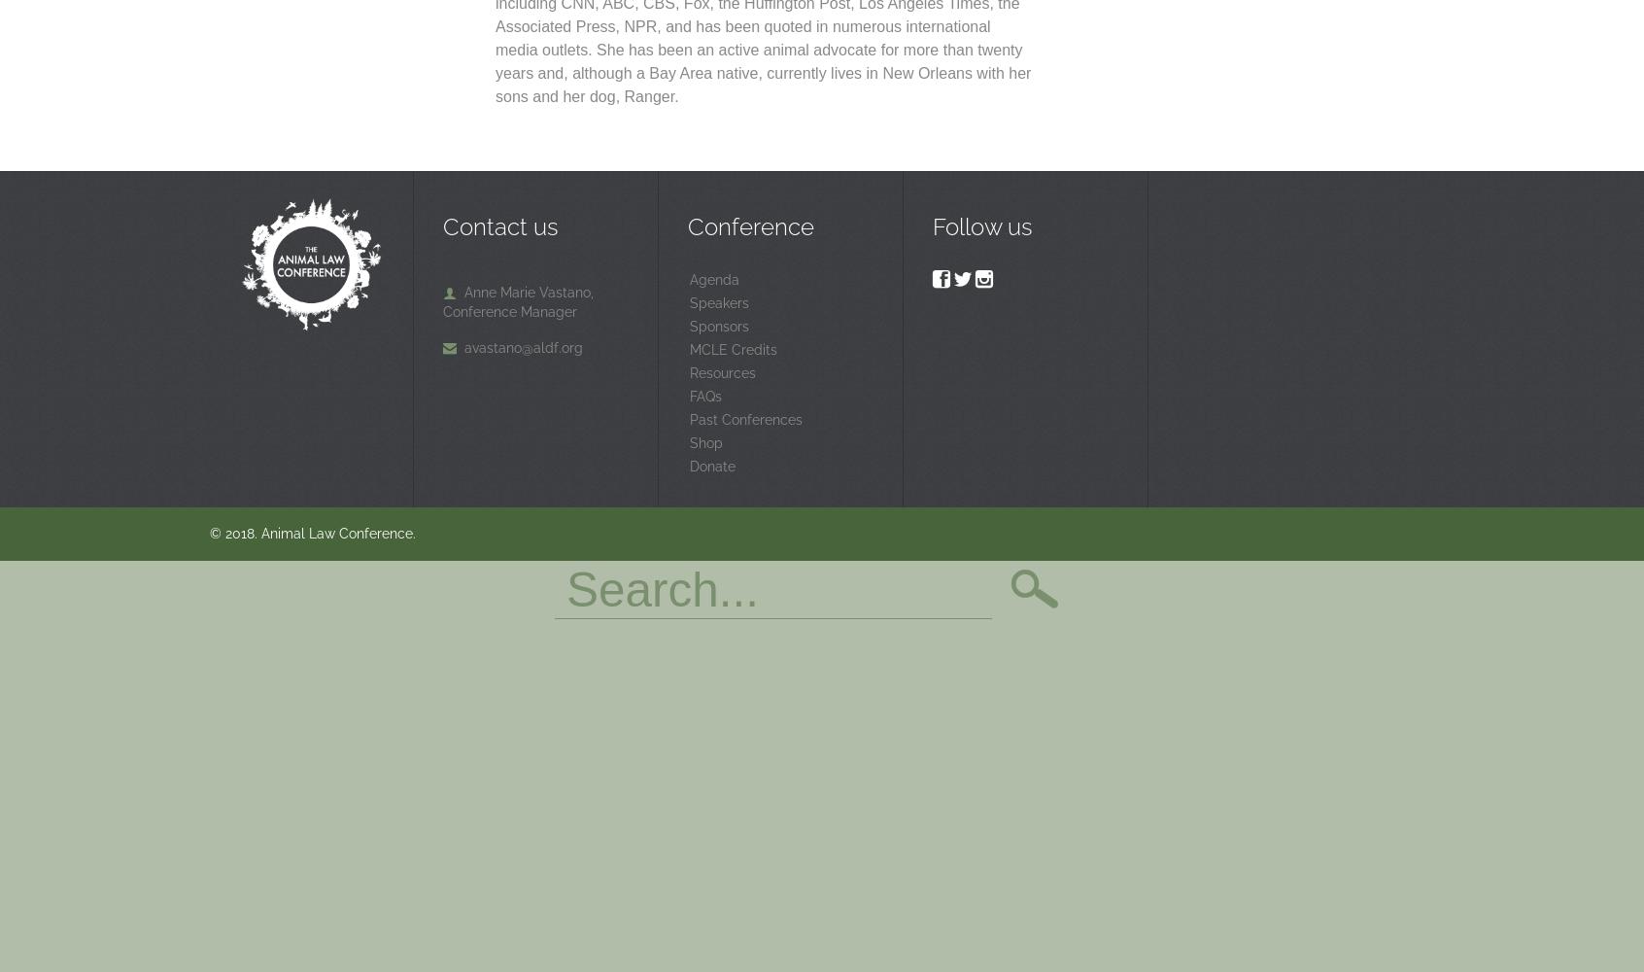 This screenshot has width=1644, height=972. Describe the element at coordinates (500, 225) in the screenshot. I see `'Contact us'` at that location.